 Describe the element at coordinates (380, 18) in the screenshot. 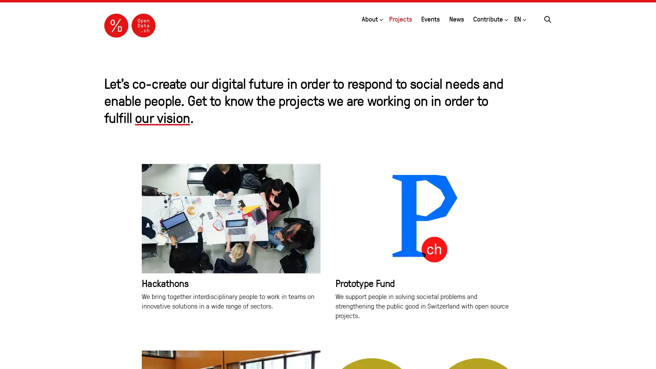

I see `Open` at that location.